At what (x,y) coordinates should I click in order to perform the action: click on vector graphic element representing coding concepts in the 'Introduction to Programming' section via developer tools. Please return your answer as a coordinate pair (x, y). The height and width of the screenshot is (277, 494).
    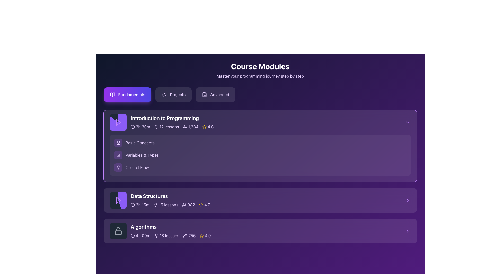
    Looking at the image, I should click on (164, 95).